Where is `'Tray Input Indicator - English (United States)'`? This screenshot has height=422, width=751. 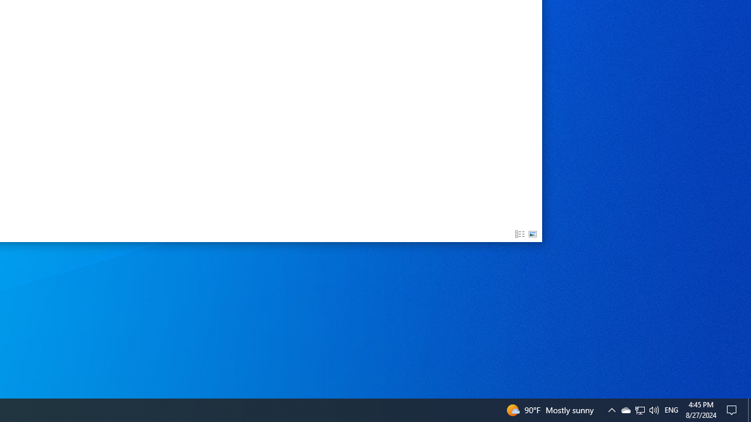 'Tray Input Indicator - English (United States)' is located at coordinates (640, 409).